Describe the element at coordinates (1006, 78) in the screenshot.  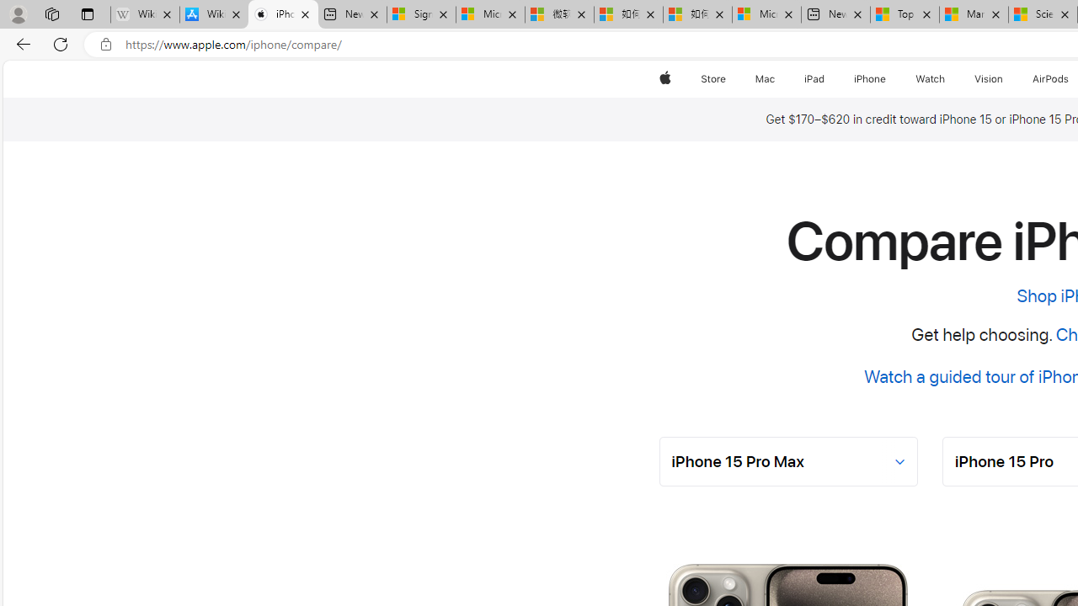
I see `'Class: globalnav-submenu-trigger-item'` at that location.